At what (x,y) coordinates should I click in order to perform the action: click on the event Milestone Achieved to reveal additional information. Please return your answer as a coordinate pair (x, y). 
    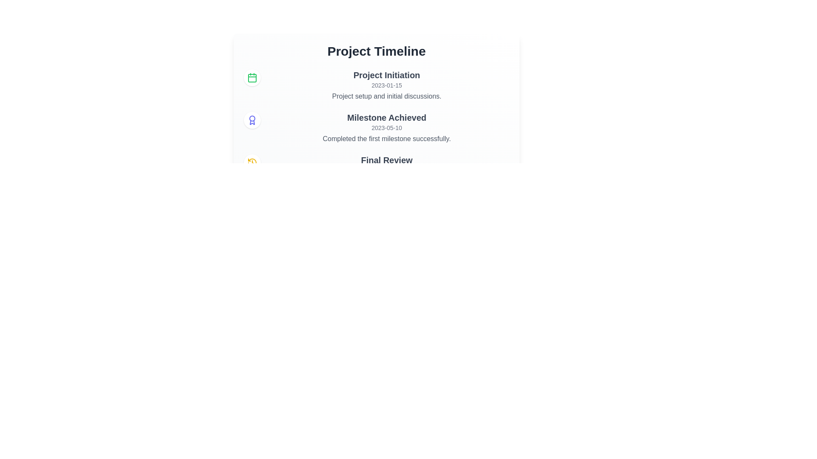
    Looking at the image, I should click on (252, 120).